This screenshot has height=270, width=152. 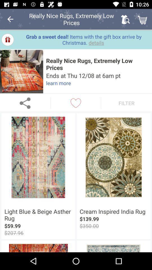 I want to click on the item above grab a sweet icon, so click(x=143, y=19).